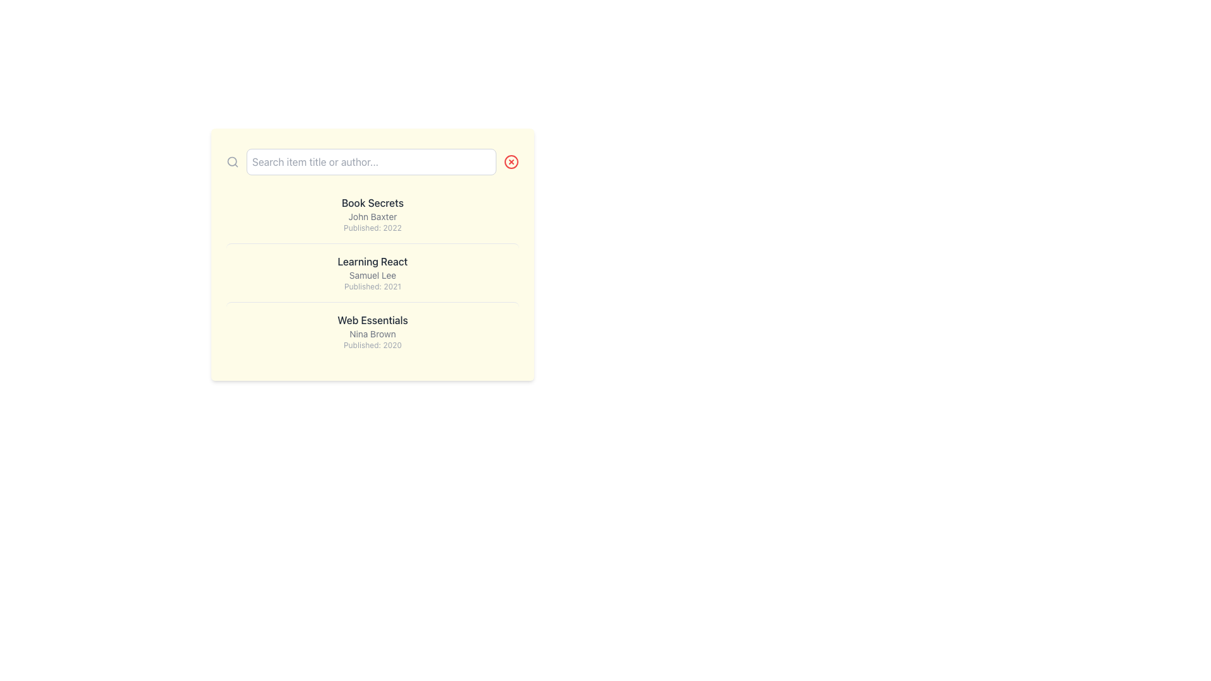 This screenshot has height=681, width=1211. Describe the element at coordinates (371, 272) in the screenshot. I see `the second list item titled 'Learning React'` at that location.